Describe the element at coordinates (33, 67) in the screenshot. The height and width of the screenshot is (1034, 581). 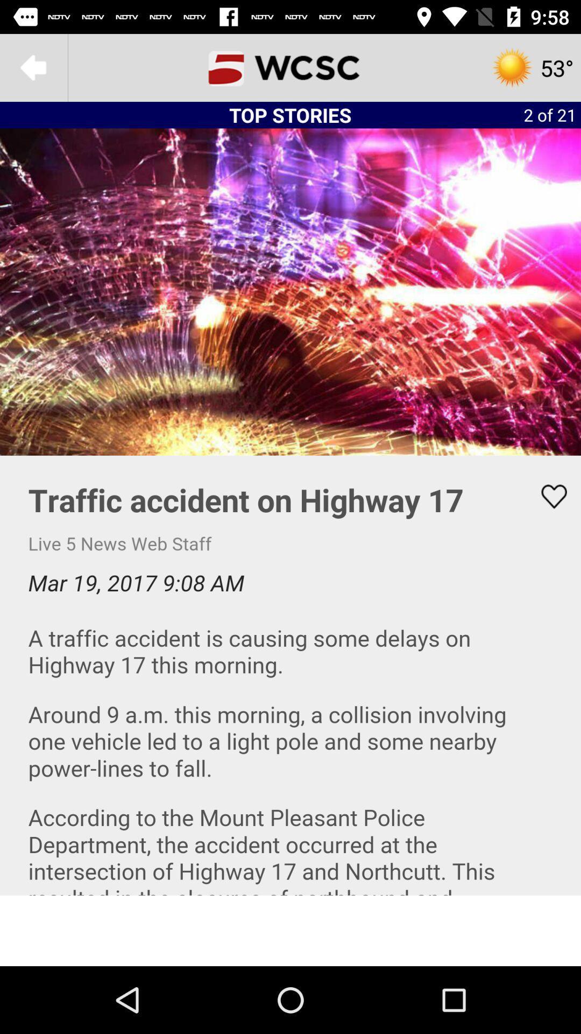
I see `main menu option` at that location.